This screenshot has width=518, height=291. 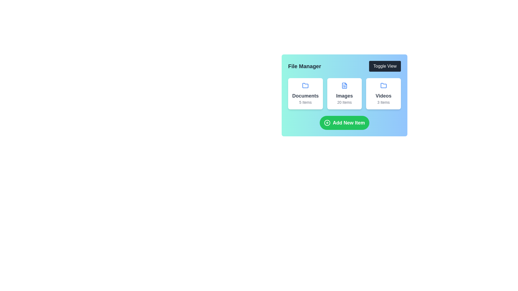 What do you see at coordinates (344, 95) in the screenshot?
I see `the 'Images' text label, which is displayed in bold dark gray font and is part of the second category card in the File Manager interface` at bounding box center [344, 95].